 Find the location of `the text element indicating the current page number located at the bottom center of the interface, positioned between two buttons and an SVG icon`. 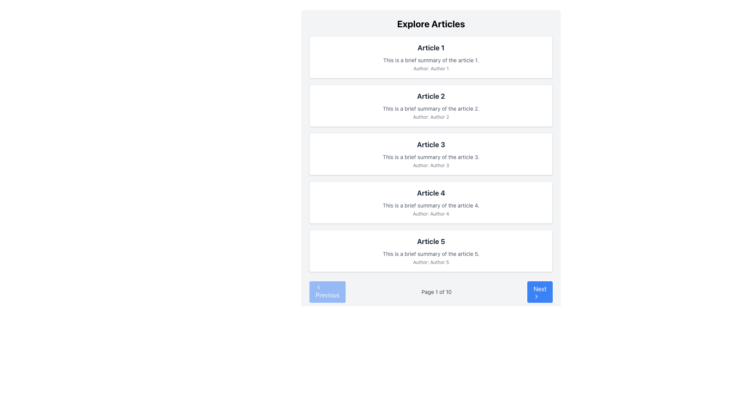

the text element indicating the current page number located at the bottom center of the interface, positioned between two buttons and an SVG icon is located at coordinates (436, 292).